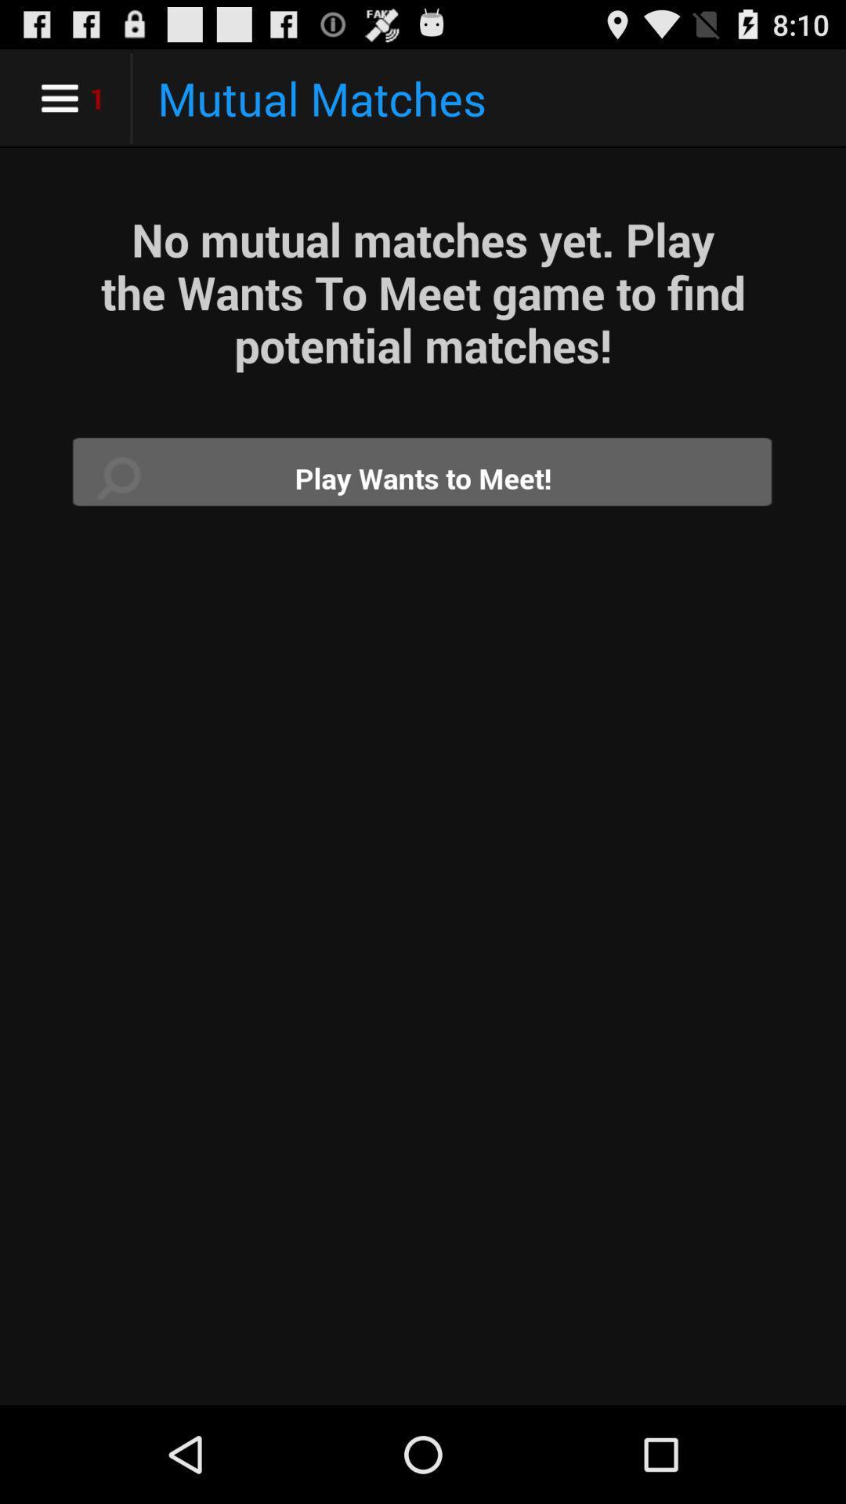 The image size is (846, 1504). I want to click on option selector, so click(423, 477).